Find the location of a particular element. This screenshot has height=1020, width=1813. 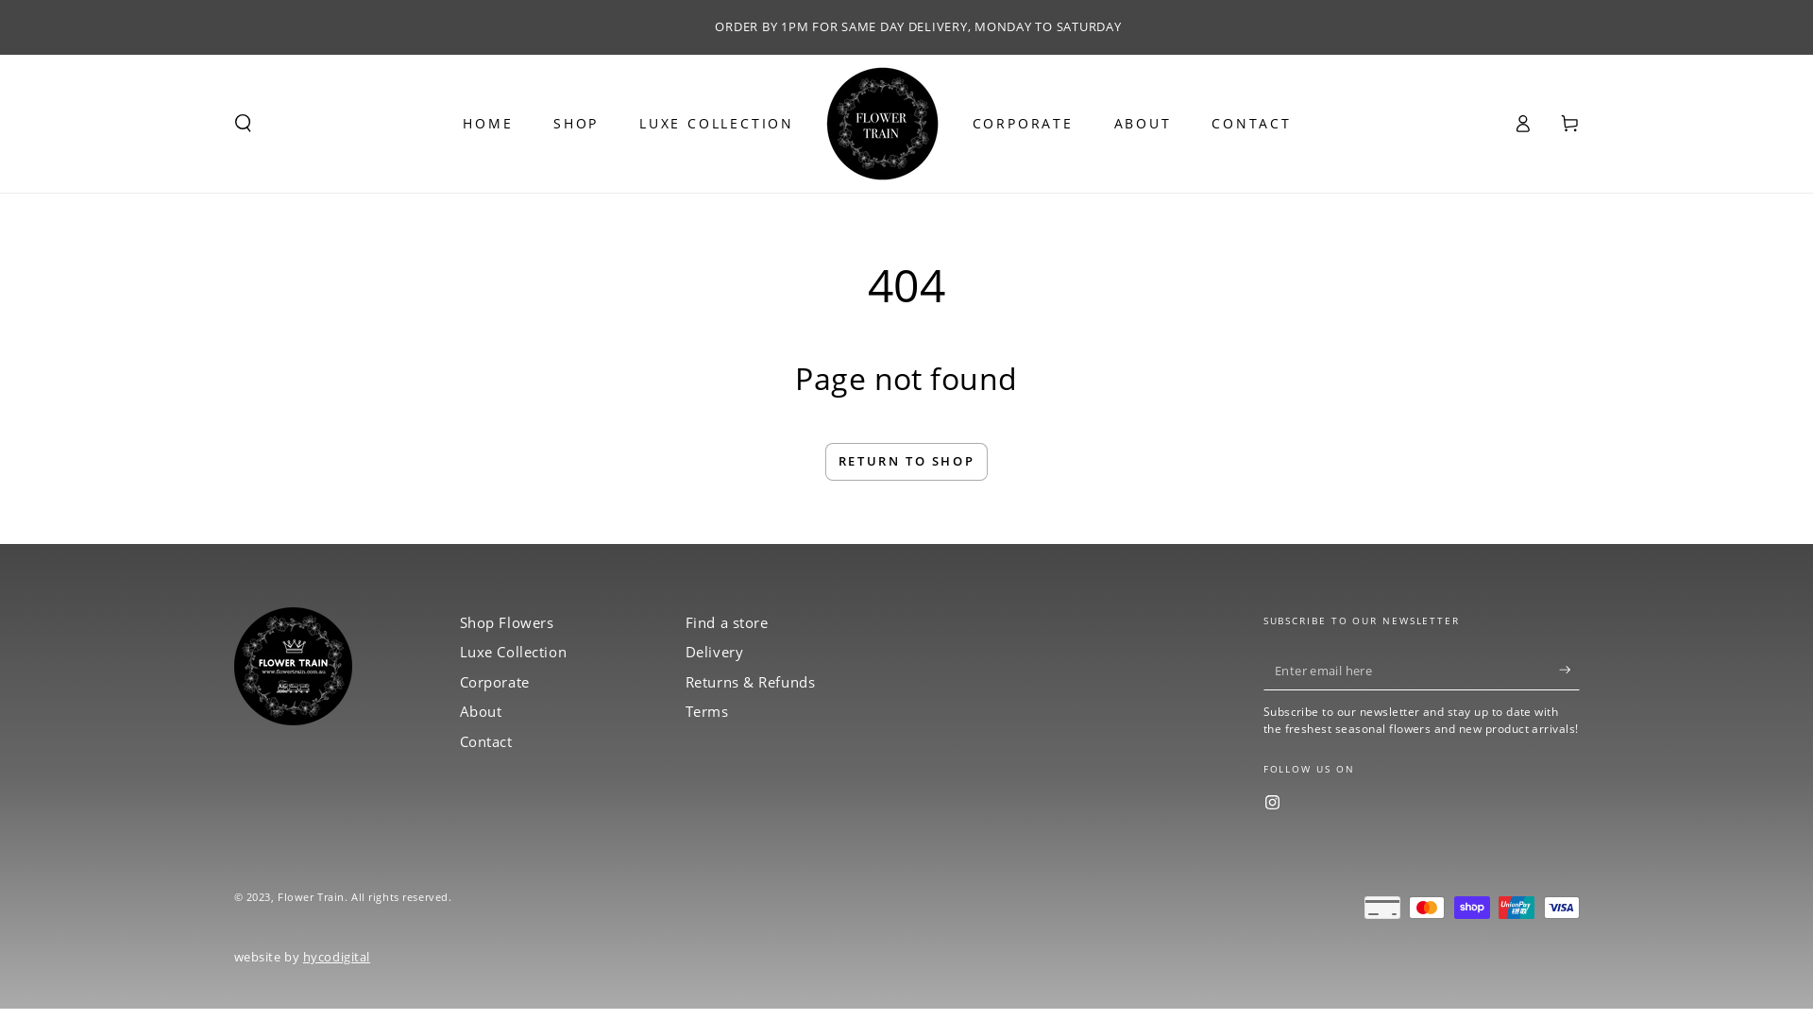

'Returns & Refunds' is located at coordinates (750, 681).